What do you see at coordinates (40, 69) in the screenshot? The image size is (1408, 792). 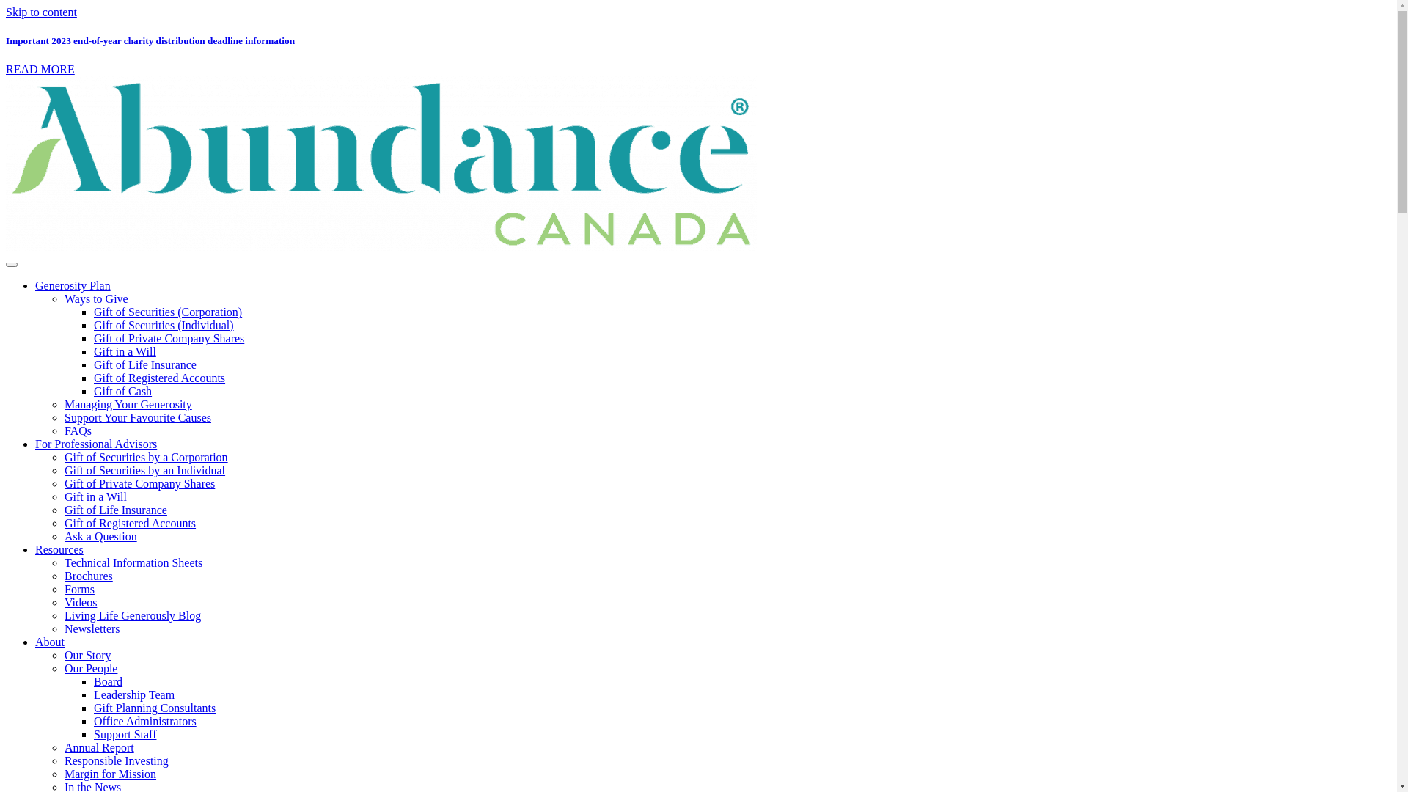 I see `'READ MORE'` at bounding box center [40, 69].